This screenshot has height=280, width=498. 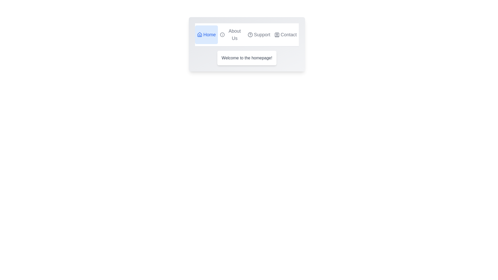 I want to click on the tab labeled 'Support' to preview its hover effect, so click(x=259, y=35).